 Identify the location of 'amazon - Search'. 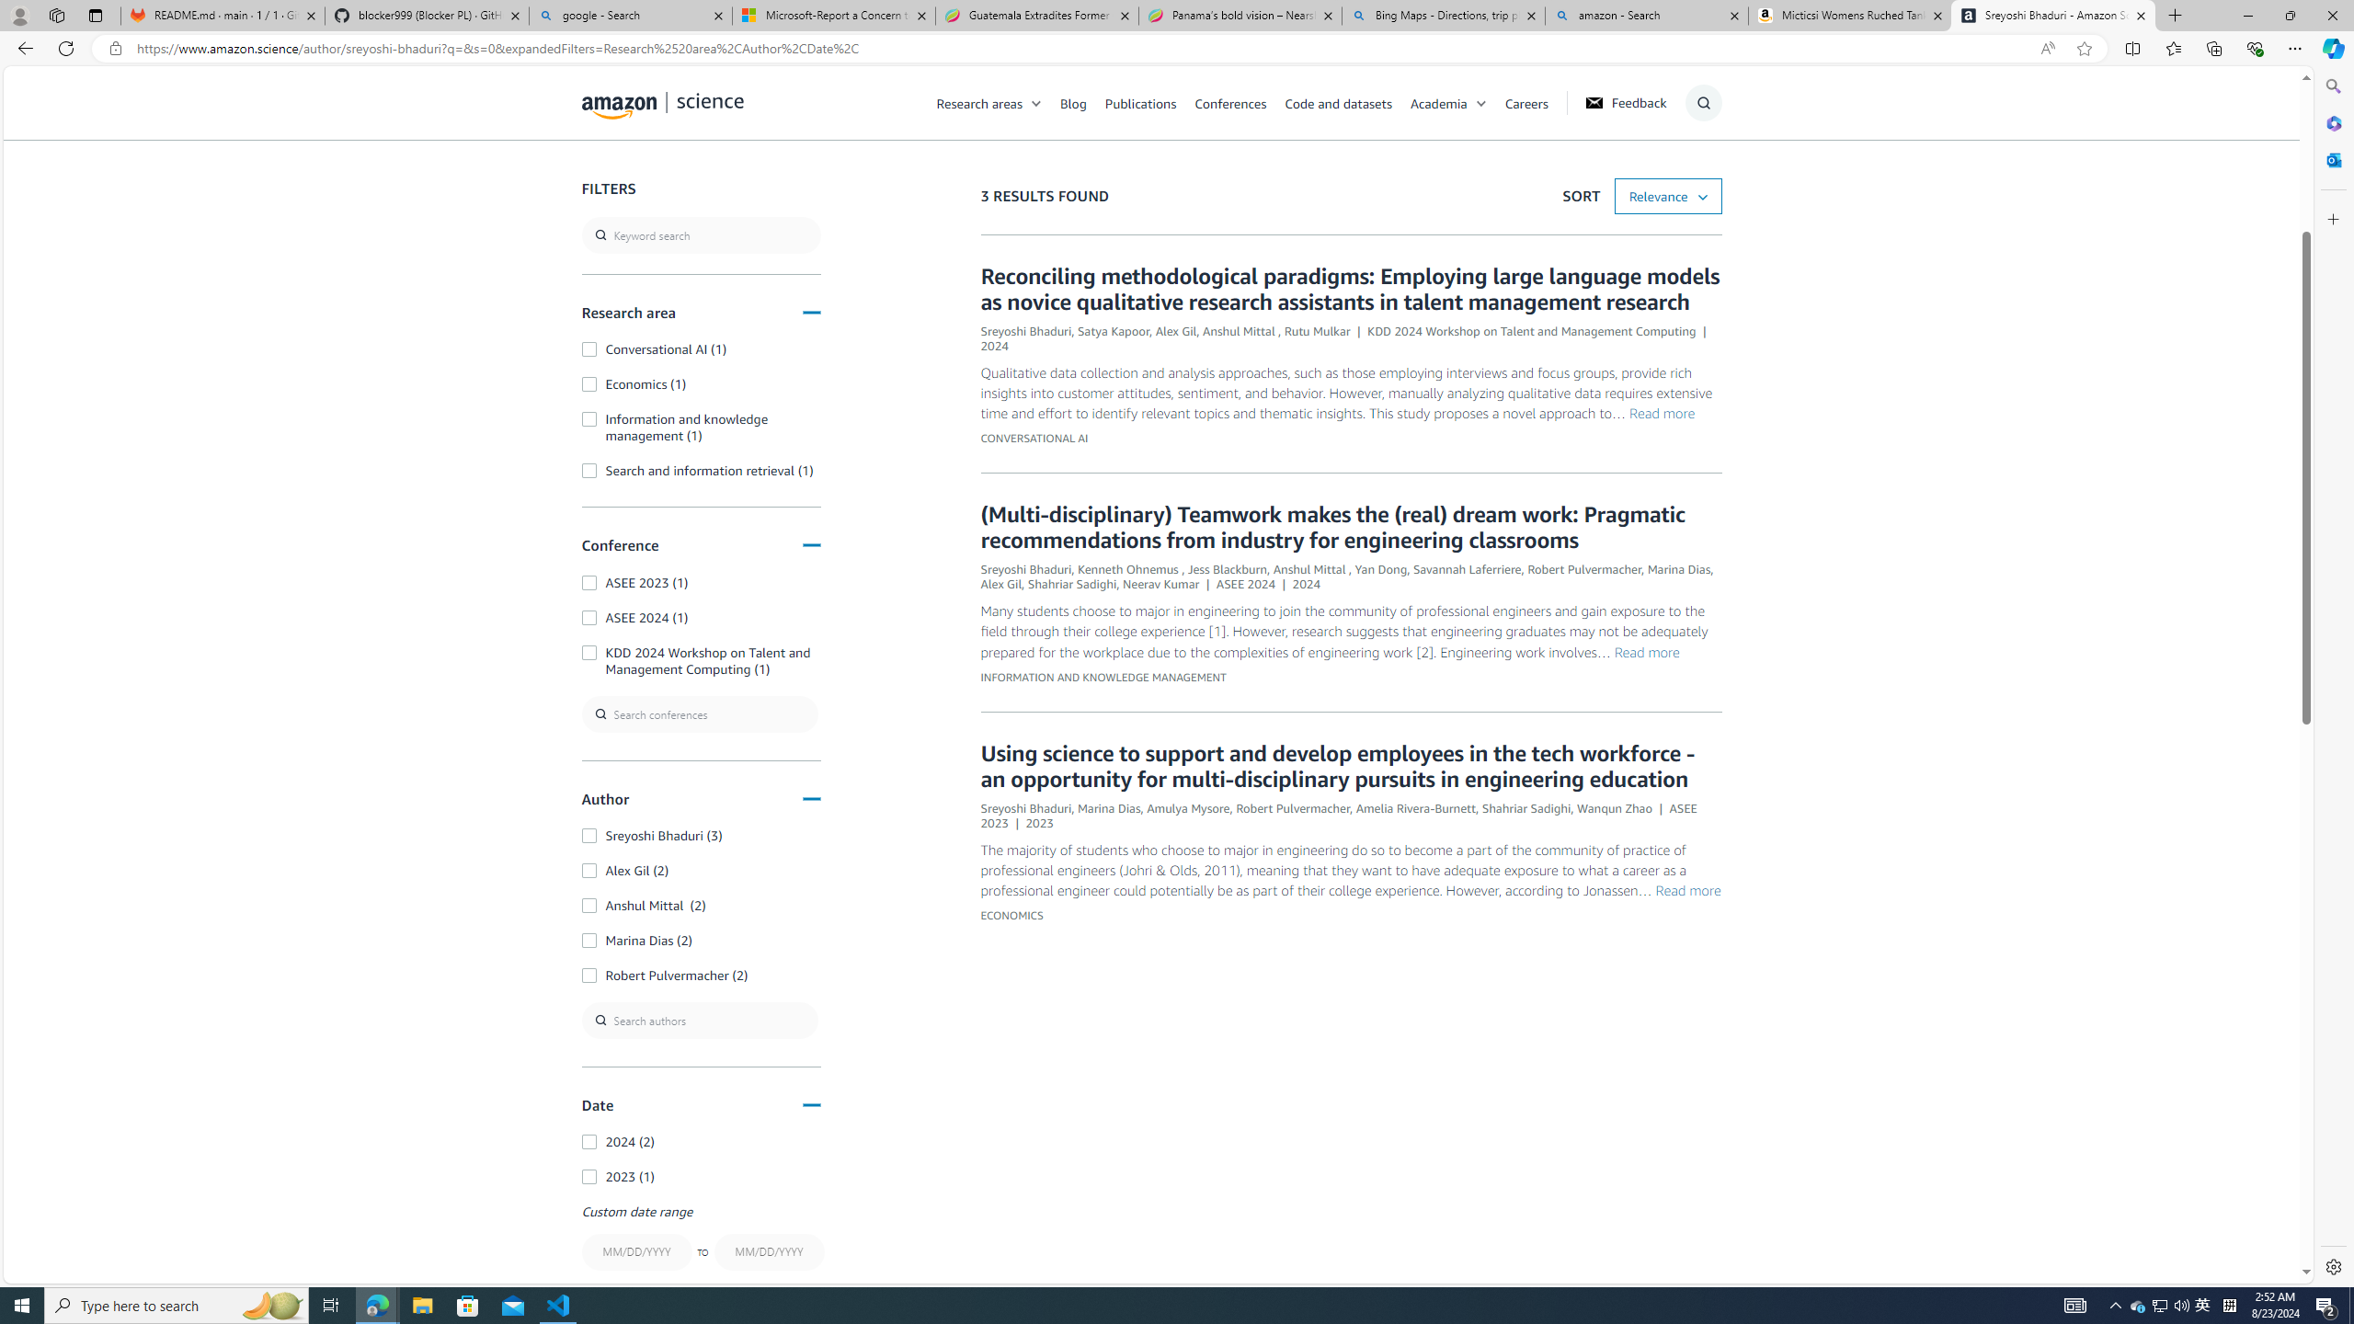
(1645, 15).